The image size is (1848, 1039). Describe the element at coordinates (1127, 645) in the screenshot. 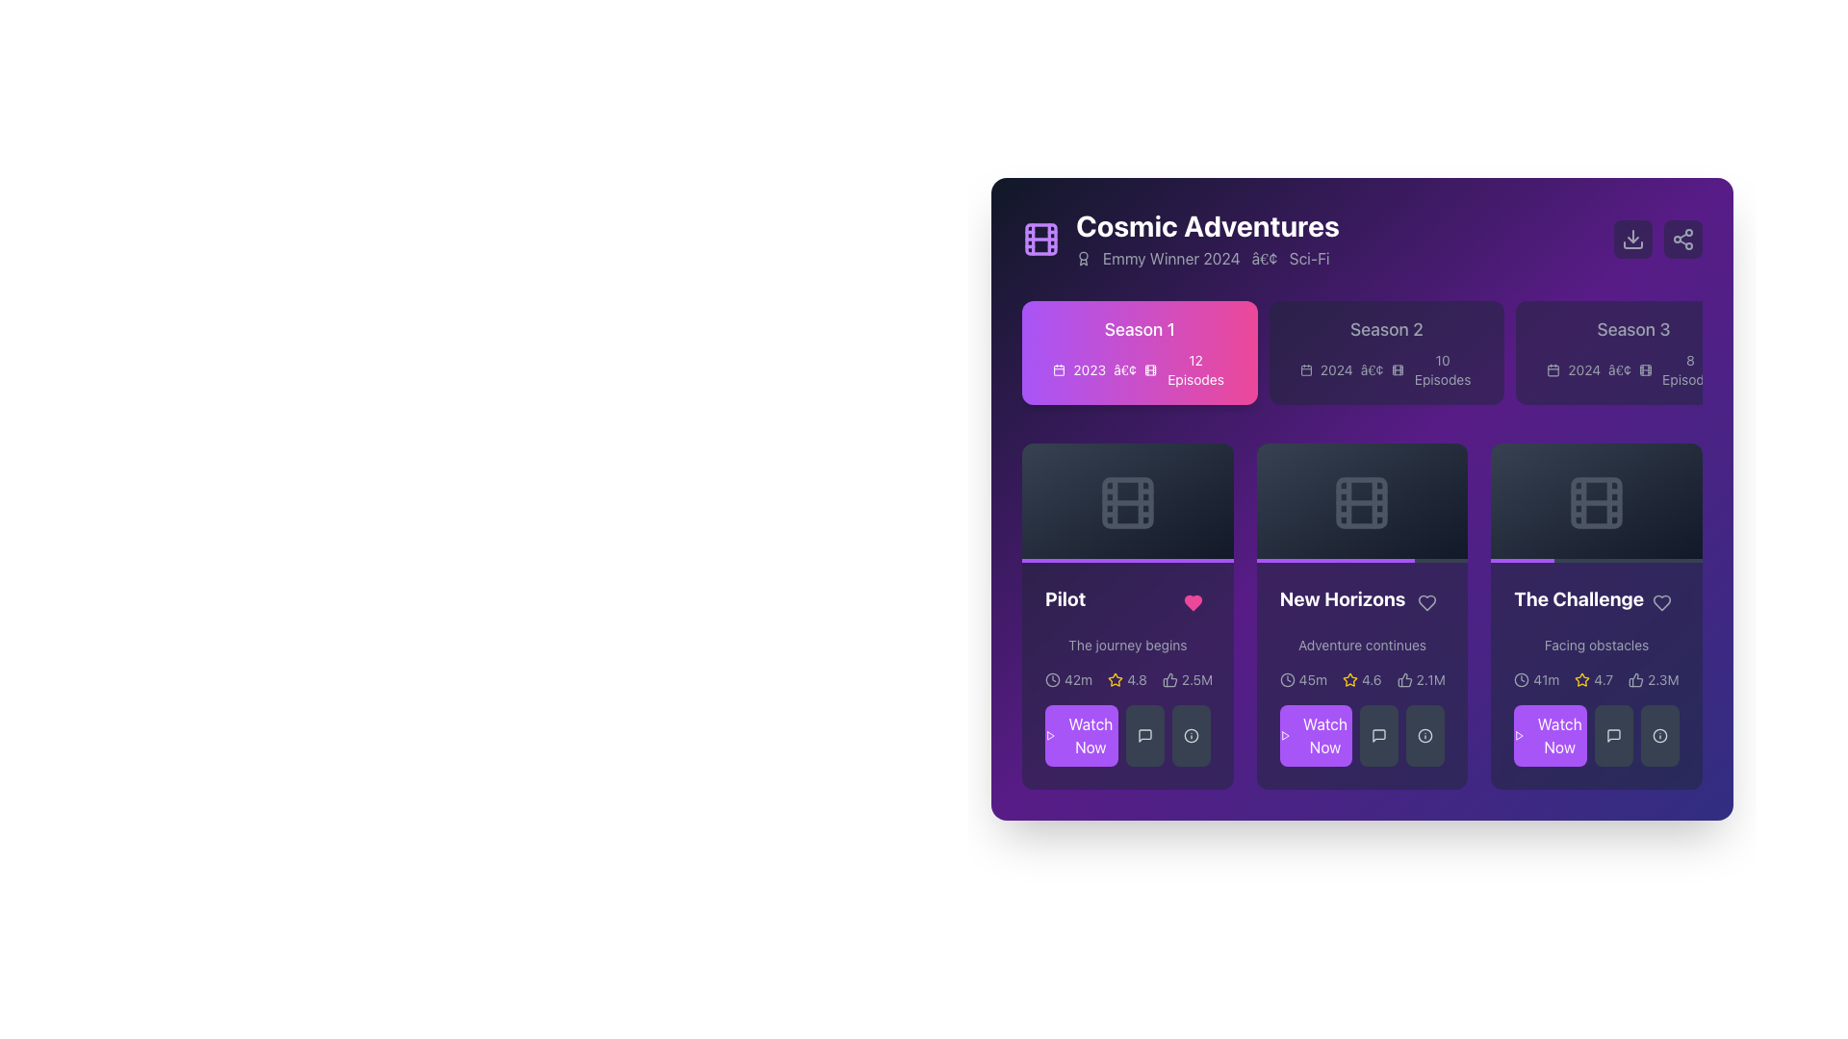

I see `the static text label element displaying the phrase 'The journey begins', located in the card section under the title 'Pilot' on the first card from the left` at that location.